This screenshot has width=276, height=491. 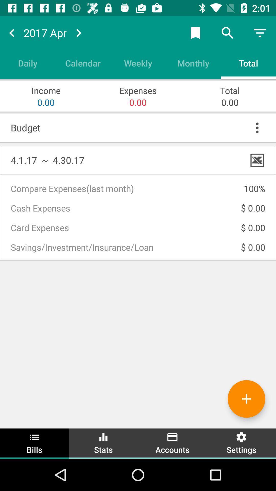 I want to click on the filter_list icon, so click(x=260, y=32).